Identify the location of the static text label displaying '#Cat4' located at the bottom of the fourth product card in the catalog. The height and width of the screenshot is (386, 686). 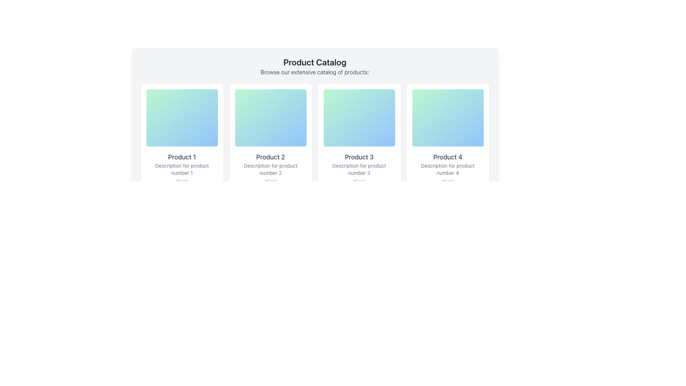
(447, 181).